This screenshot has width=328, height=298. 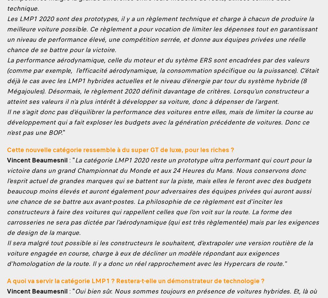 I want to click on 'La catégorie LMP1 2020 reste un prototype ultra performant qui court pour la victoire dans un grand Championnat du Monde et aux 24 Heures du Mans. Nous conservons donc l’esprit actuel de grandes marques qui se battent sur la piste, mais elles le feront avec des budgets beaucoup moins élevés et auront également pour adversaires des équipes privées qui auront aussi une chance de se battre aux avant-postes. La philosophie de ce règlement est d’inciter les constructeurs à faire des voitures qui rappellent celles que l’on voit sur la route. La forme des carrosseries ne sera pas dictée par l’aérodynamique (qui est très règlementée) mais par les exigences de design de la marque.', so click(x=162, y=196).